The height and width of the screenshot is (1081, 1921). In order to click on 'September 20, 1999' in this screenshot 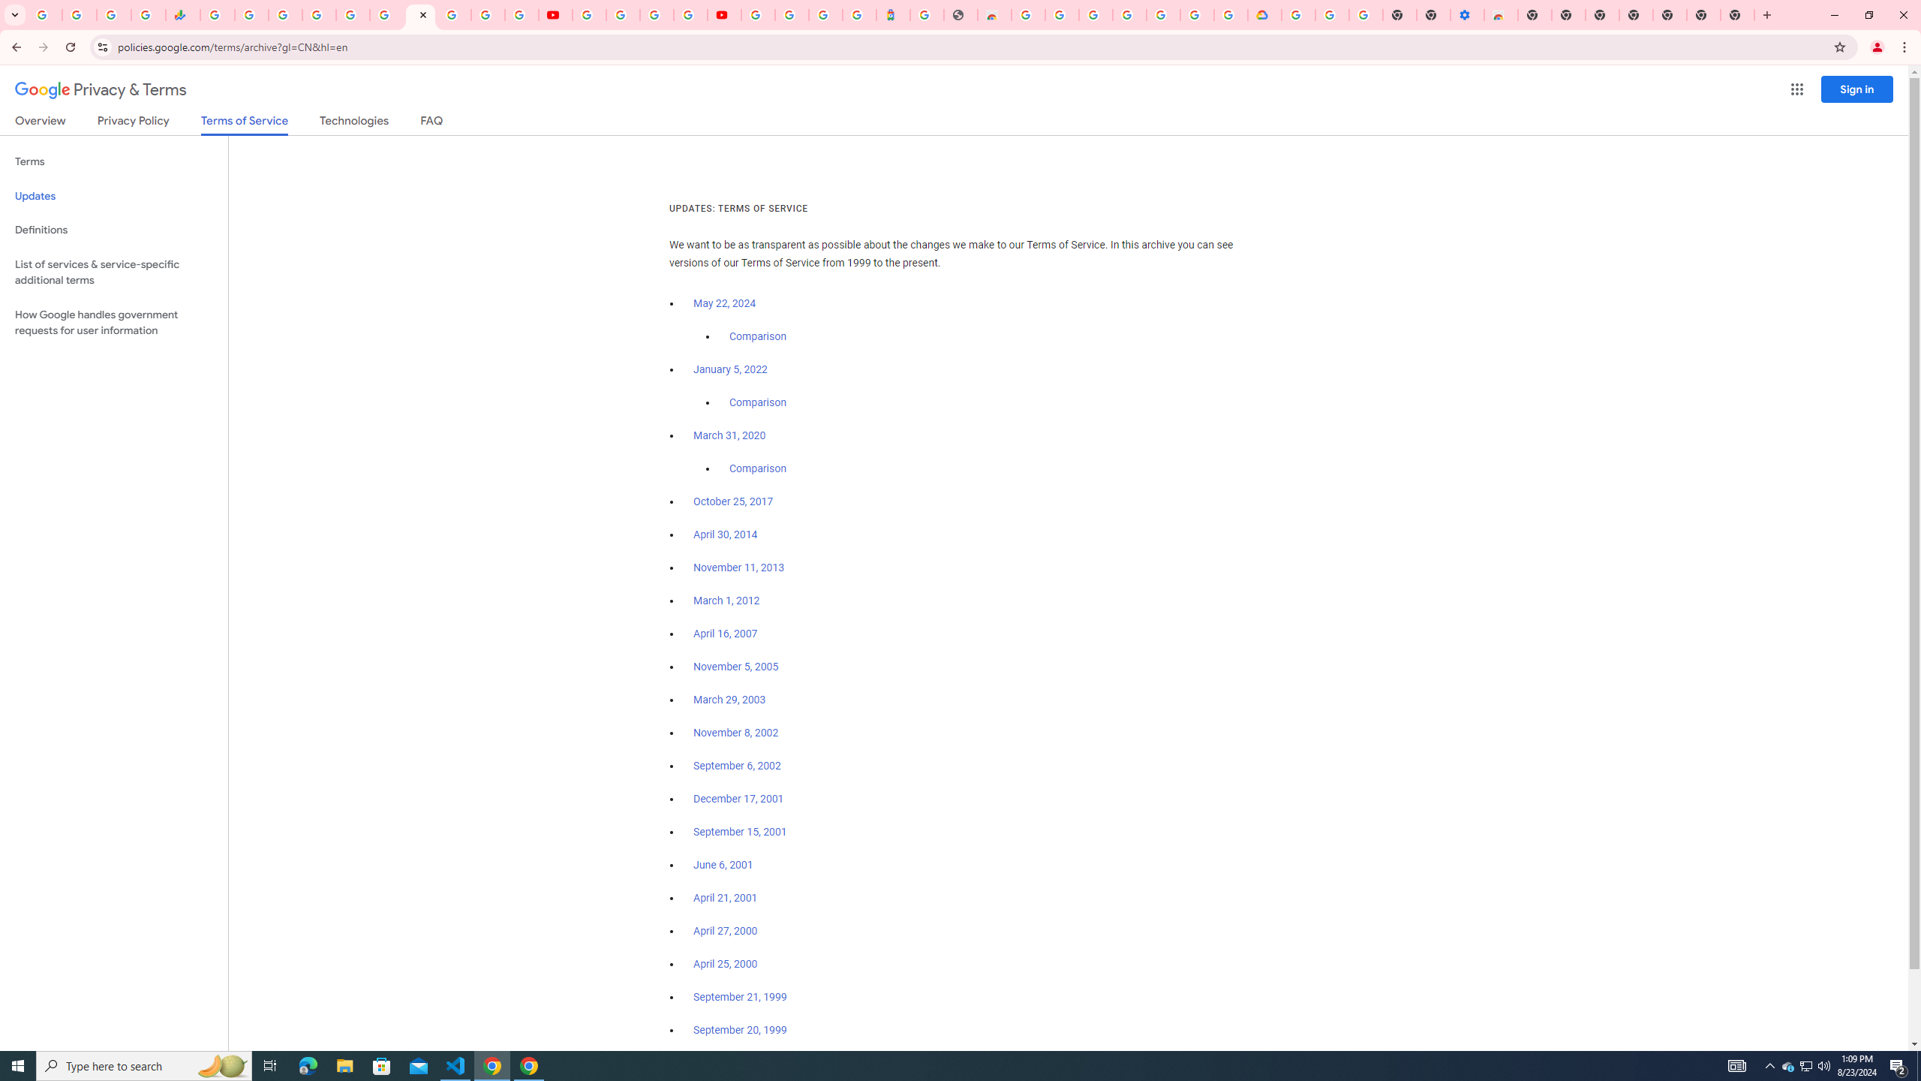, I will do `click(740, 1029)`.